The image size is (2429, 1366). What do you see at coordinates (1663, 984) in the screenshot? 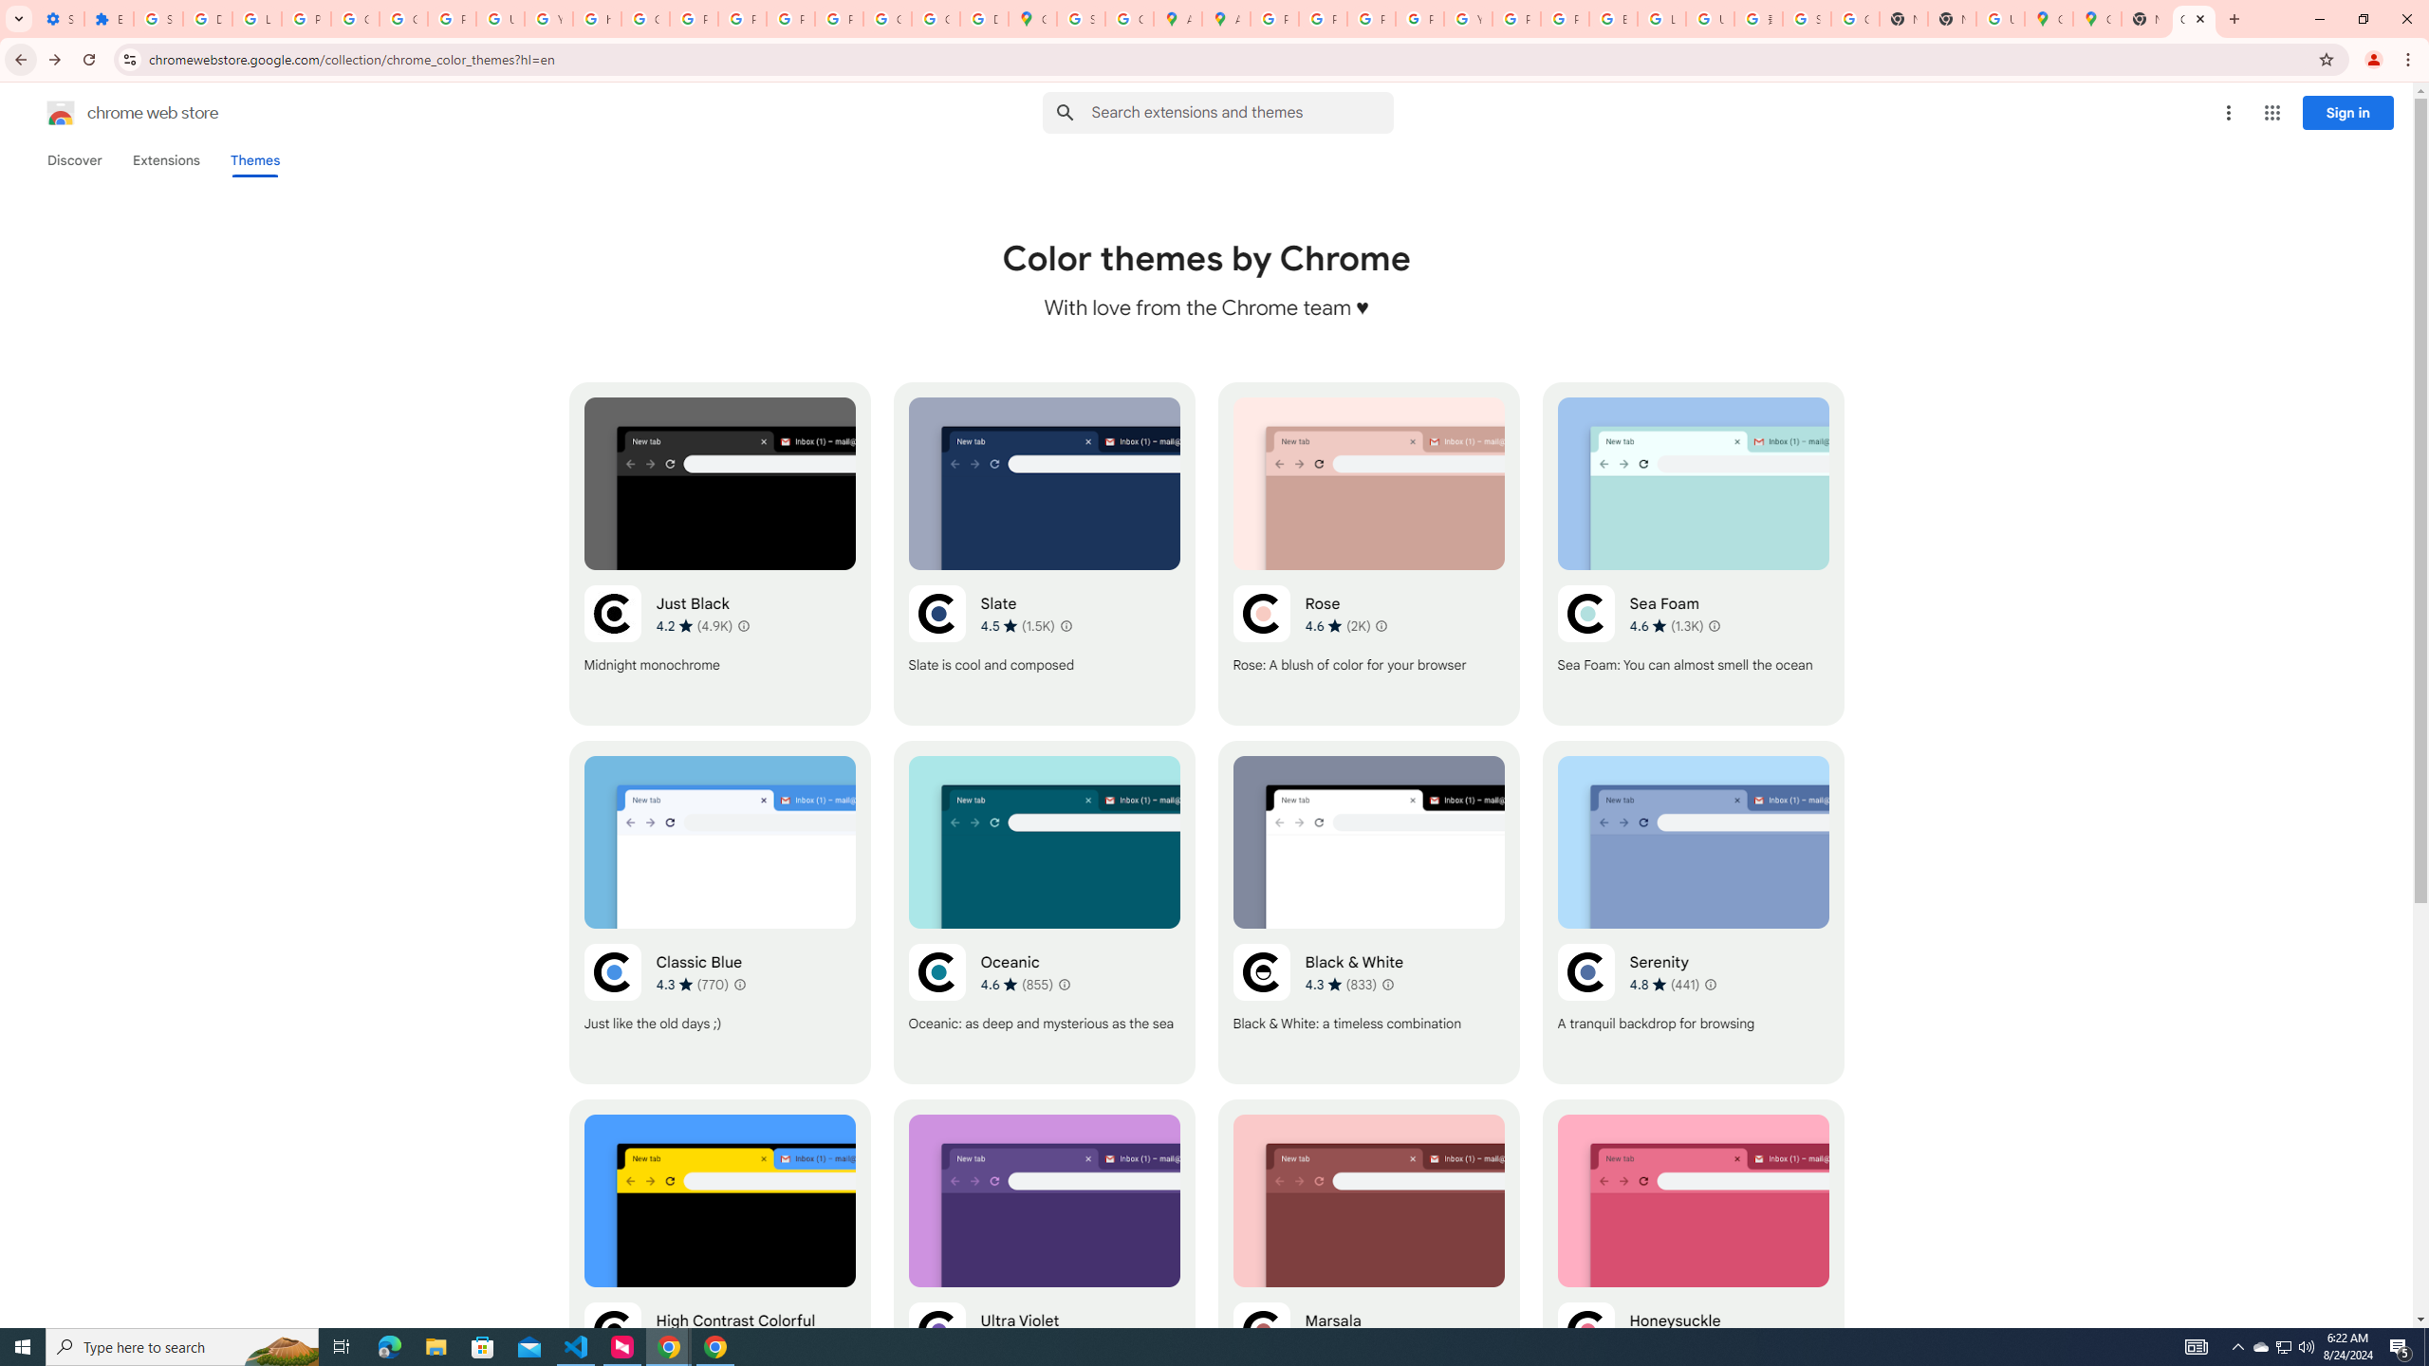
I see `'Average rating 4.8 out of 5 stars. 441 ratings.'` at bounding box center [1663, 984].